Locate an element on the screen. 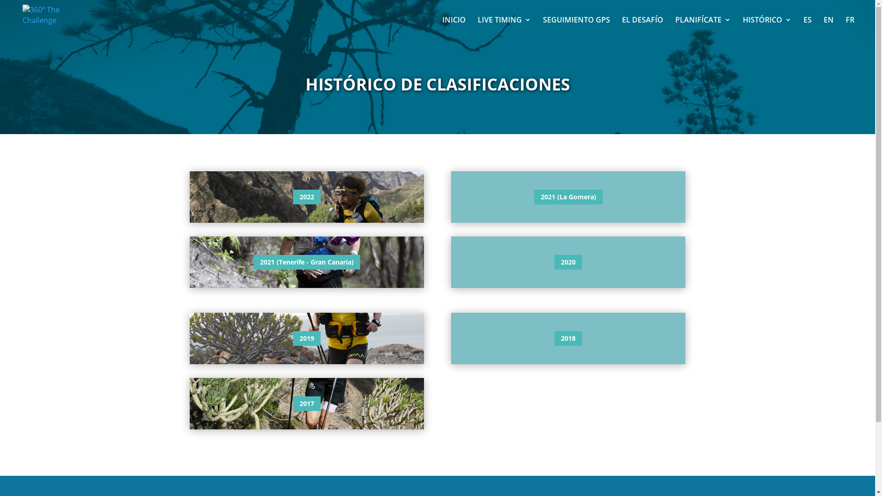  '2017' is located at coordinates (306, 403).